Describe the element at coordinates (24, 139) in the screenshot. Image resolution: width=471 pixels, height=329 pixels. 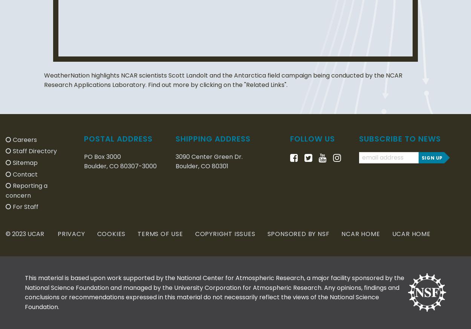
I see `'Careers'` at that location.